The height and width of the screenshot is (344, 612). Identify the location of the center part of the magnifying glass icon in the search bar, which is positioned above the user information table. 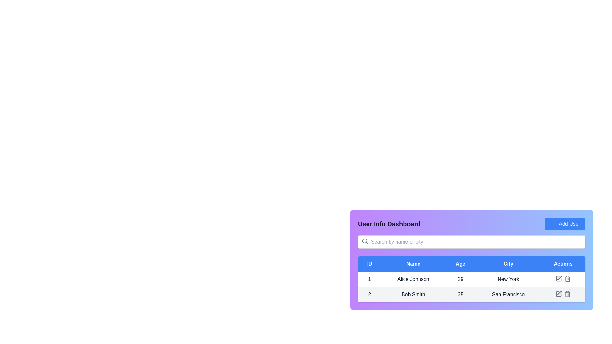
(365, 241).